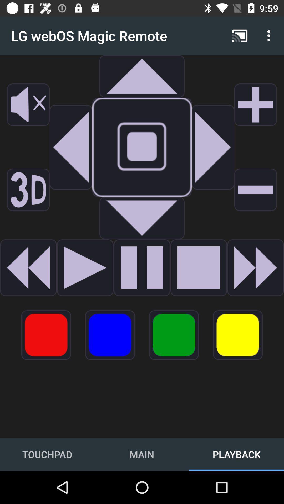 Image resolution: width=284 pixels, height=504 pixels. What do you see at coordinates (85, 267) in the screenshot?
I see `go next` at bounding box center [85, 267].